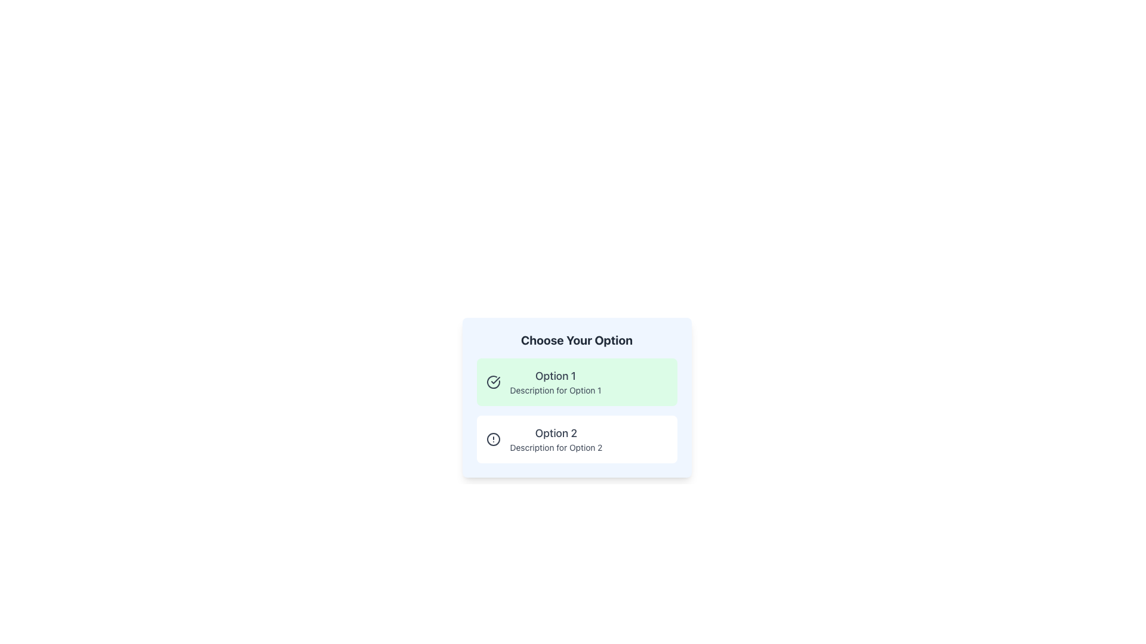  Describe the element at coordinates (555, 382) in the screenshot. I see `the text block labeled 'Option 1' with a description 'Description for Option 1', which is styled in grayish text color and is the first selectable option in the 'Choose Your Option' section` at that location.